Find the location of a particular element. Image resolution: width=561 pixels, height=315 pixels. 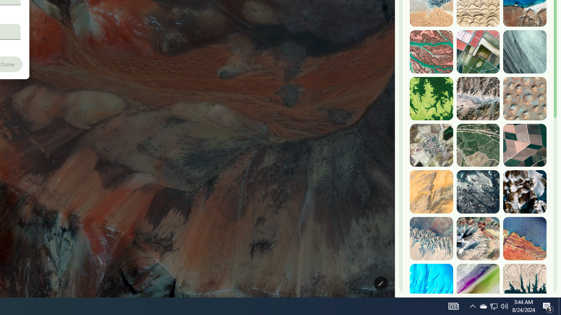

'Side Panel Resize Handle' is located at coordinates (396, 17).